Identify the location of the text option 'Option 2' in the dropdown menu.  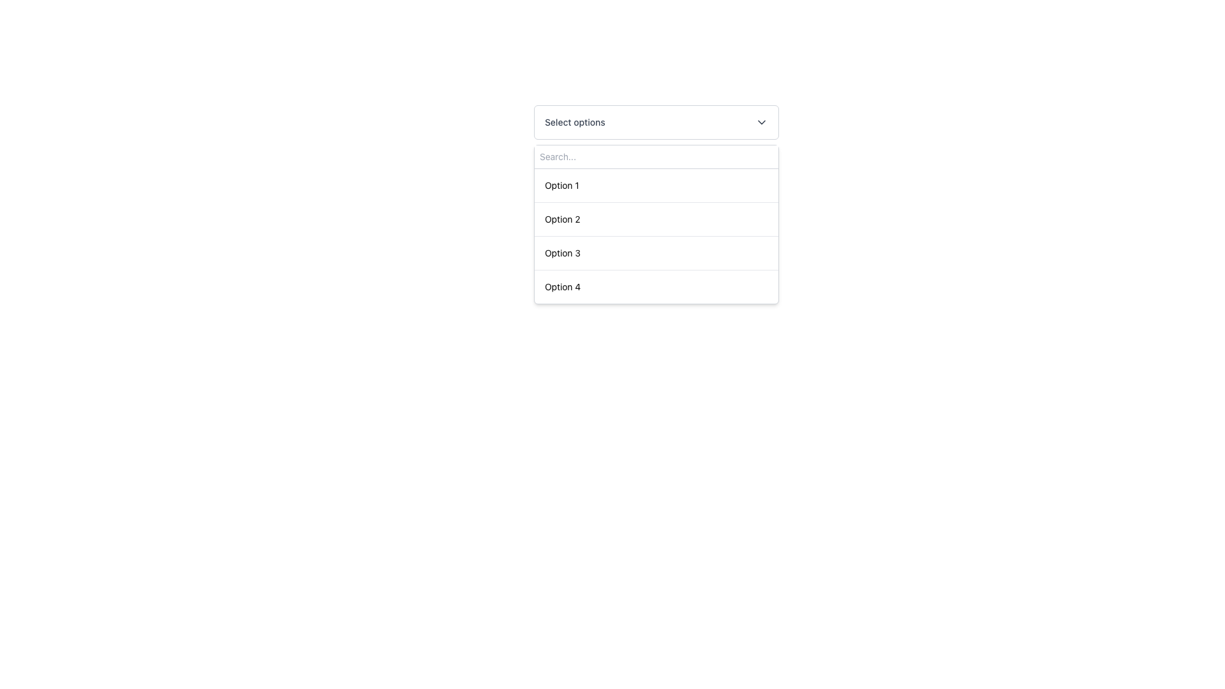
(561, 218).